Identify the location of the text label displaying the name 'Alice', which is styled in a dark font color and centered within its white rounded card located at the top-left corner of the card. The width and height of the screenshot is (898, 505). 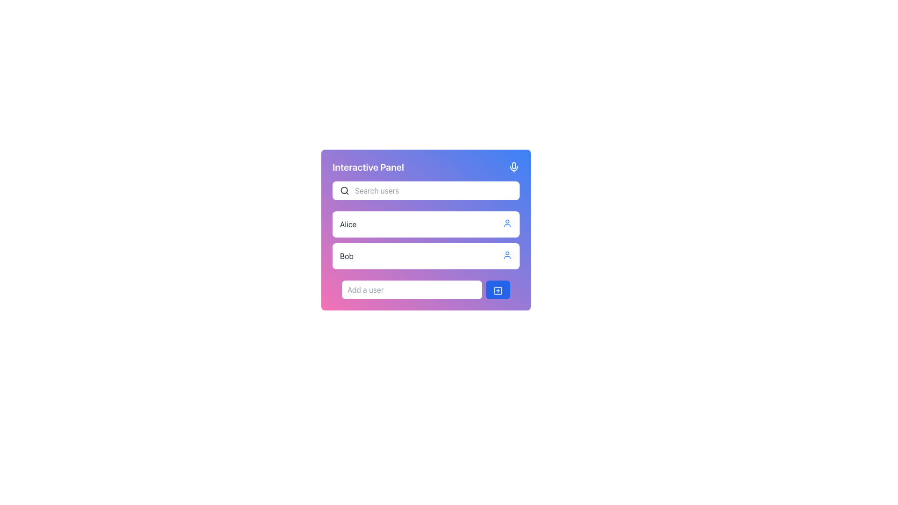
(348, 224).